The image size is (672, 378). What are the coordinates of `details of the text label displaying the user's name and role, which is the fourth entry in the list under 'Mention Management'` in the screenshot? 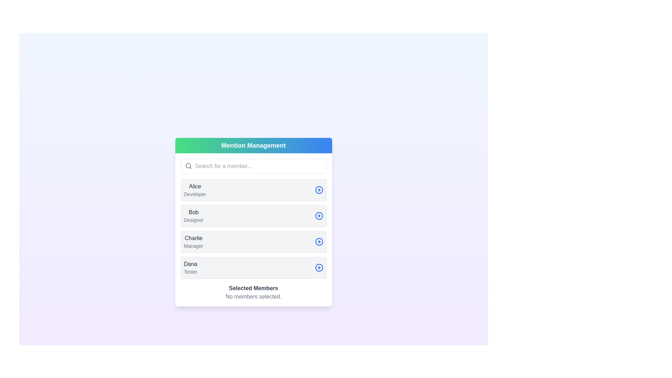 It's located at (190, 267).